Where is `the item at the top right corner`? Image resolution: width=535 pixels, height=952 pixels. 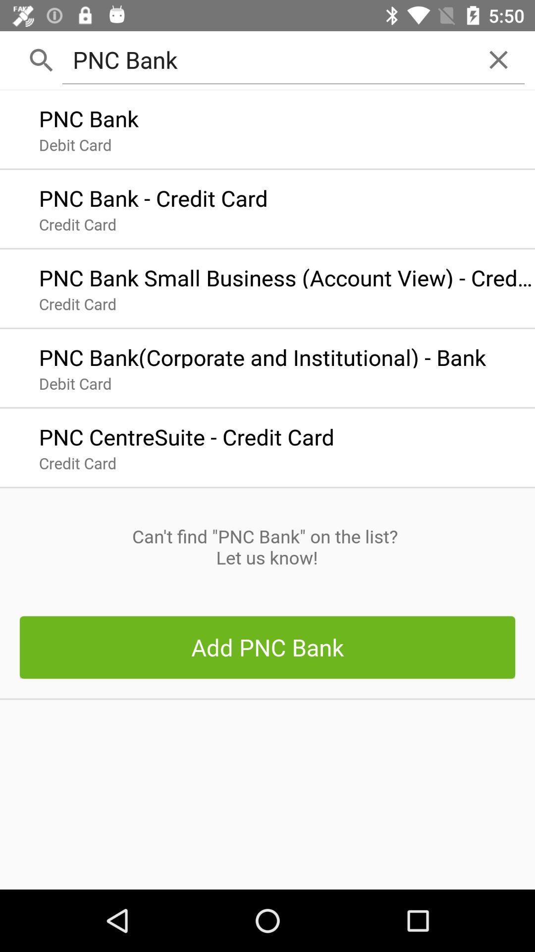
the item at the top right corner is located at coordinates (498, 59).